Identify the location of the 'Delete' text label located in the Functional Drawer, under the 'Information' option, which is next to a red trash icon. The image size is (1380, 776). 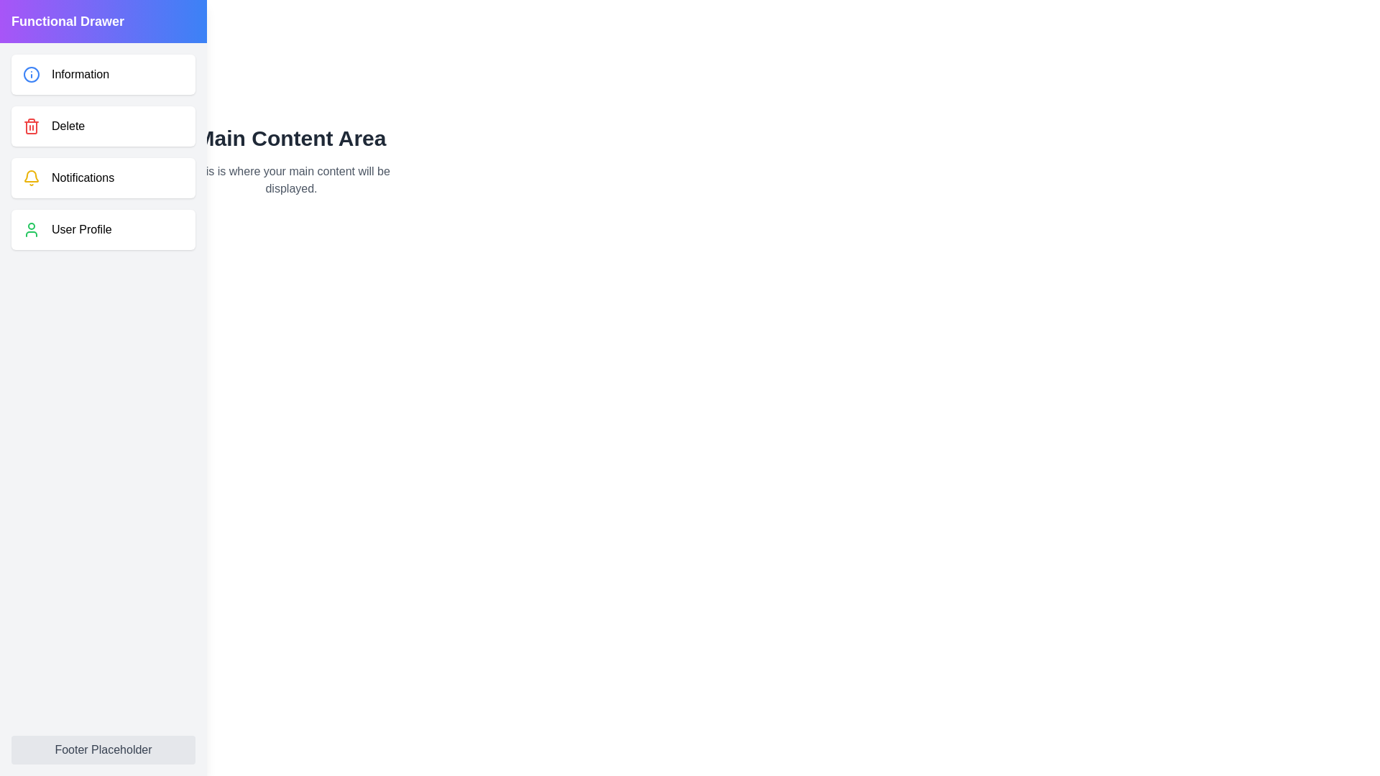
(68, 126).